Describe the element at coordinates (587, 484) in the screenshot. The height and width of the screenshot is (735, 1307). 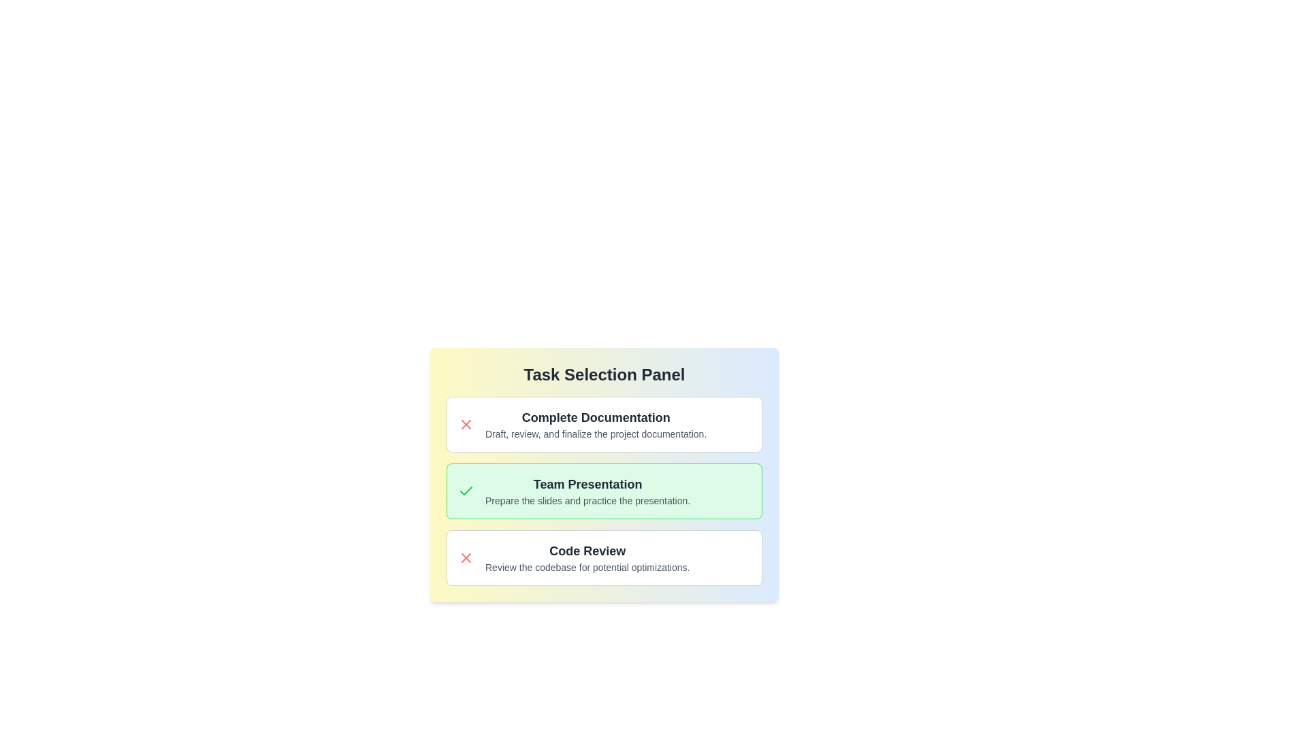
I see `the Text Label that describes the task 'Team Presentation', located within the green-highlighted section and positioned between 'Complete Documentation' and 'Code Review'` at that location.